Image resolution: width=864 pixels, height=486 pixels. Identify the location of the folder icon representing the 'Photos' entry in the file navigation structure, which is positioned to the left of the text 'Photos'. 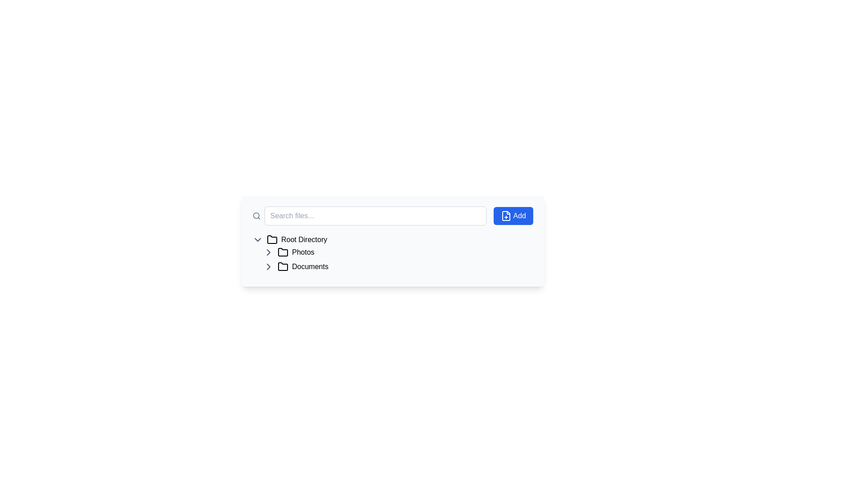
(282, 252).